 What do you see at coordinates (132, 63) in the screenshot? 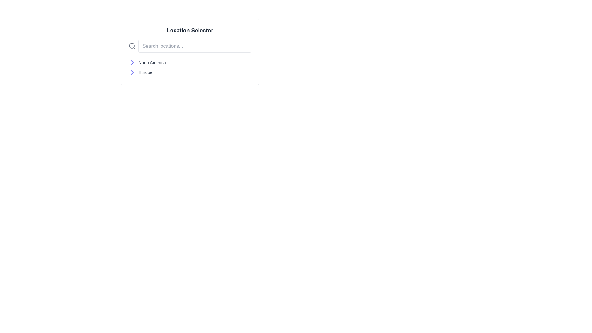
I see `the Chevron Right icon` at bounding box center [132, 63].